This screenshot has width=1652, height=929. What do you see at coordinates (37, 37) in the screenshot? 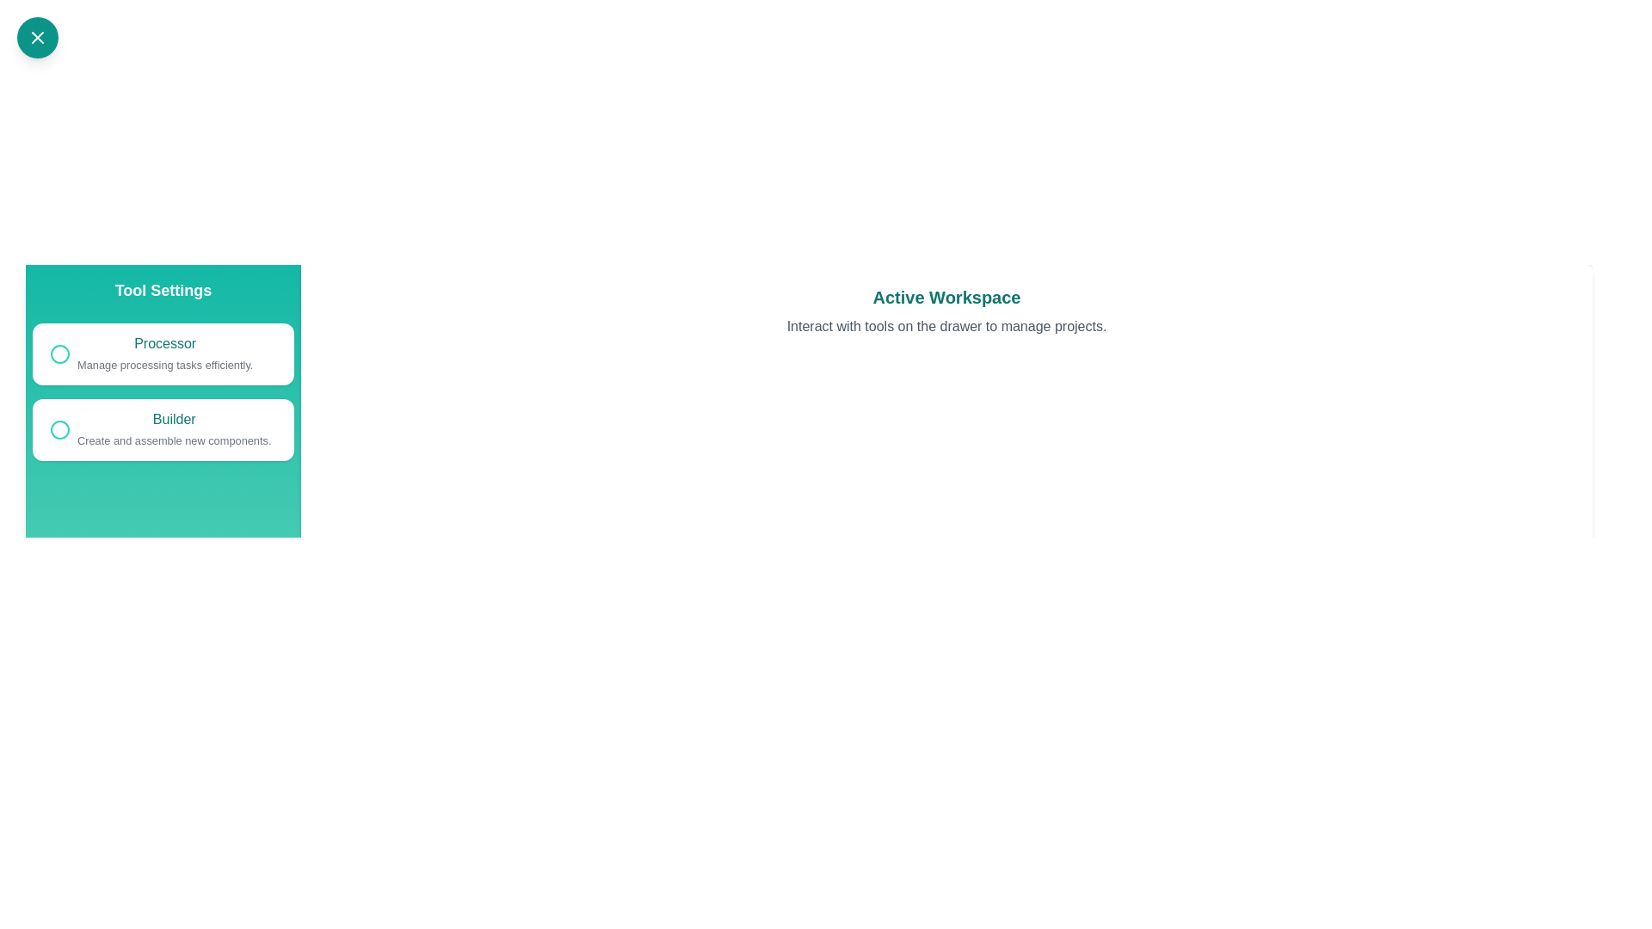
I see `toggle button to toggle the drawer` at bounding box center [37, 37].